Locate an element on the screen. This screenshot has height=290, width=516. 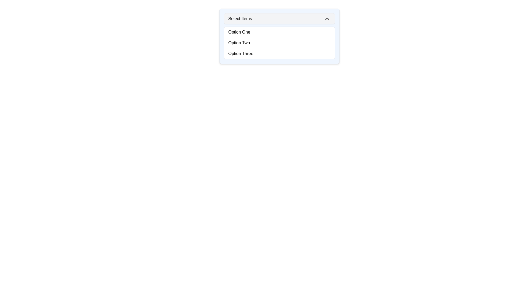
the text label displaying 'Option Three' is located at coordinates (241, 54).